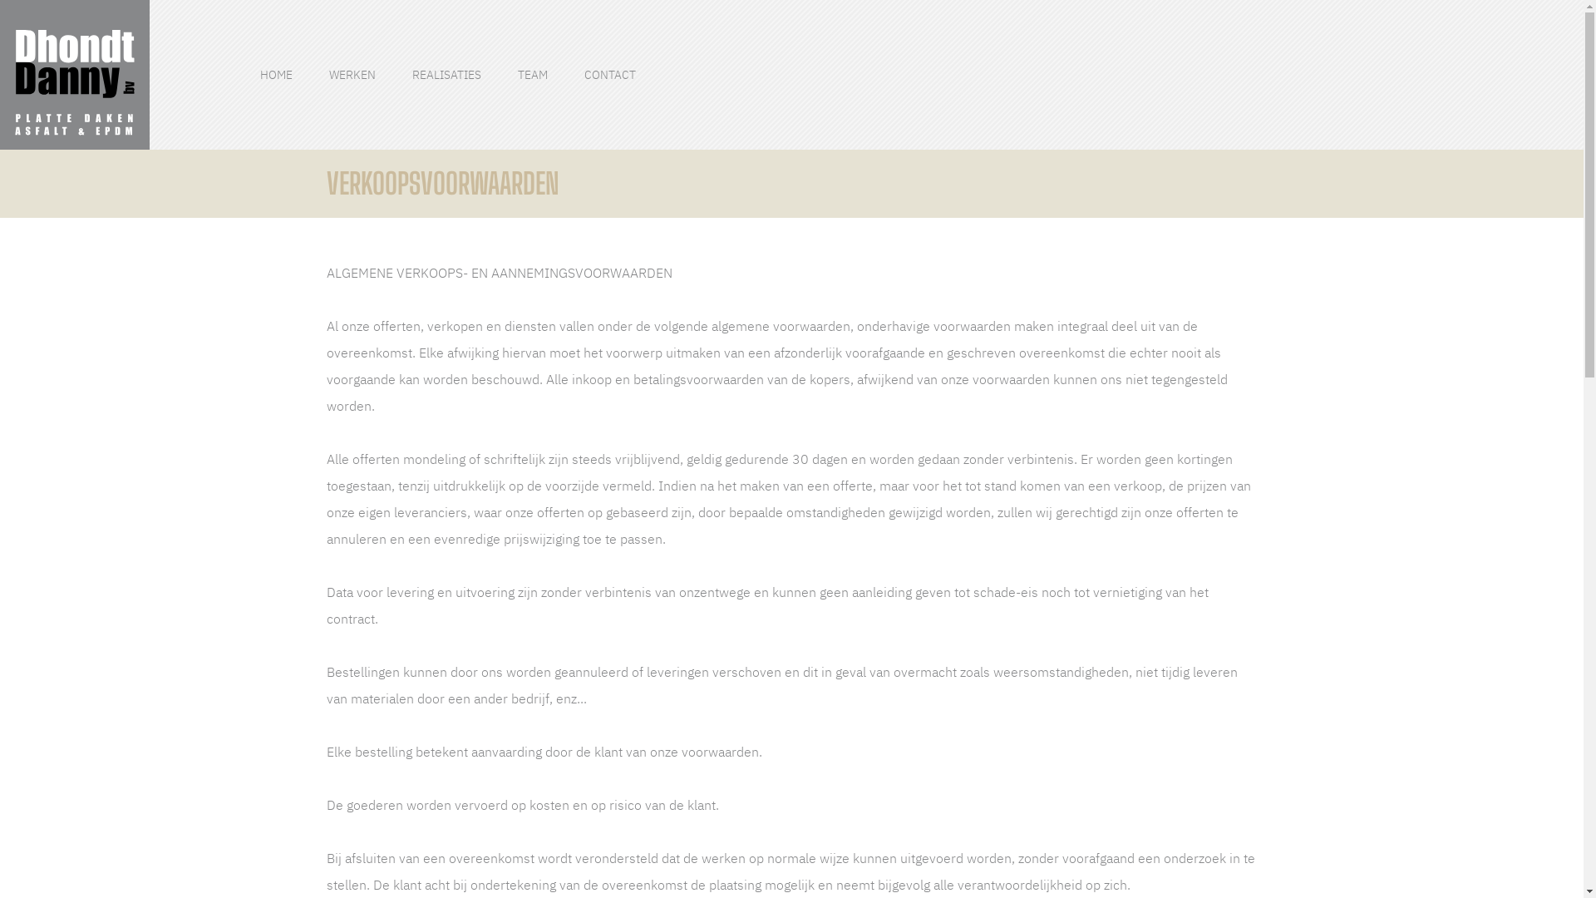 This screenshot has height=898, width=1596. Describe the element at coordinates (446, 75) in the screenshot. I see `'REALISATIES'` at that location.